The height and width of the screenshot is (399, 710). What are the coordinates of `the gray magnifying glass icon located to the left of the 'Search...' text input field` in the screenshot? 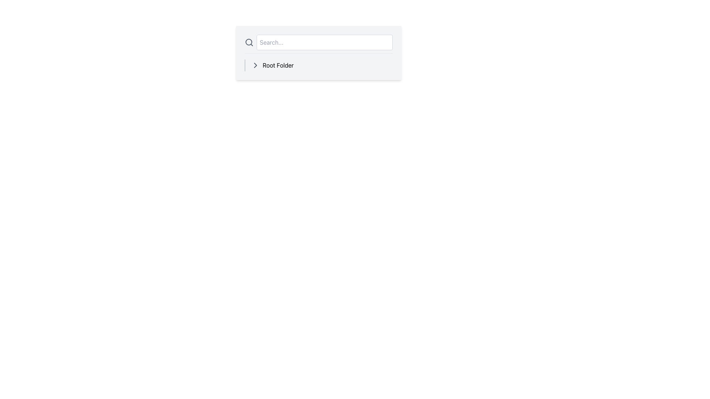 It's located at (249, 42).